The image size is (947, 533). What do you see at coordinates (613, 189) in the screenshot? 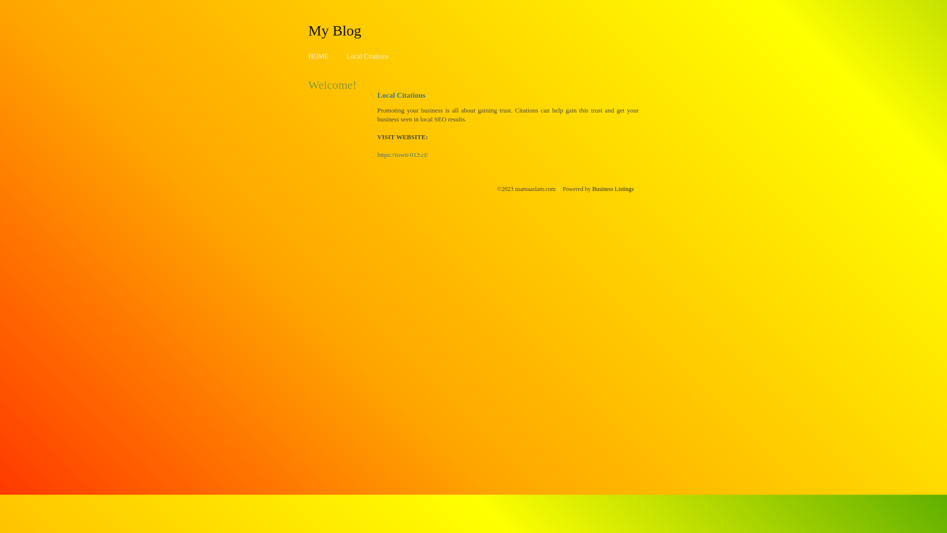
I see `'Business Listings'` at bounding box center [613, 189].